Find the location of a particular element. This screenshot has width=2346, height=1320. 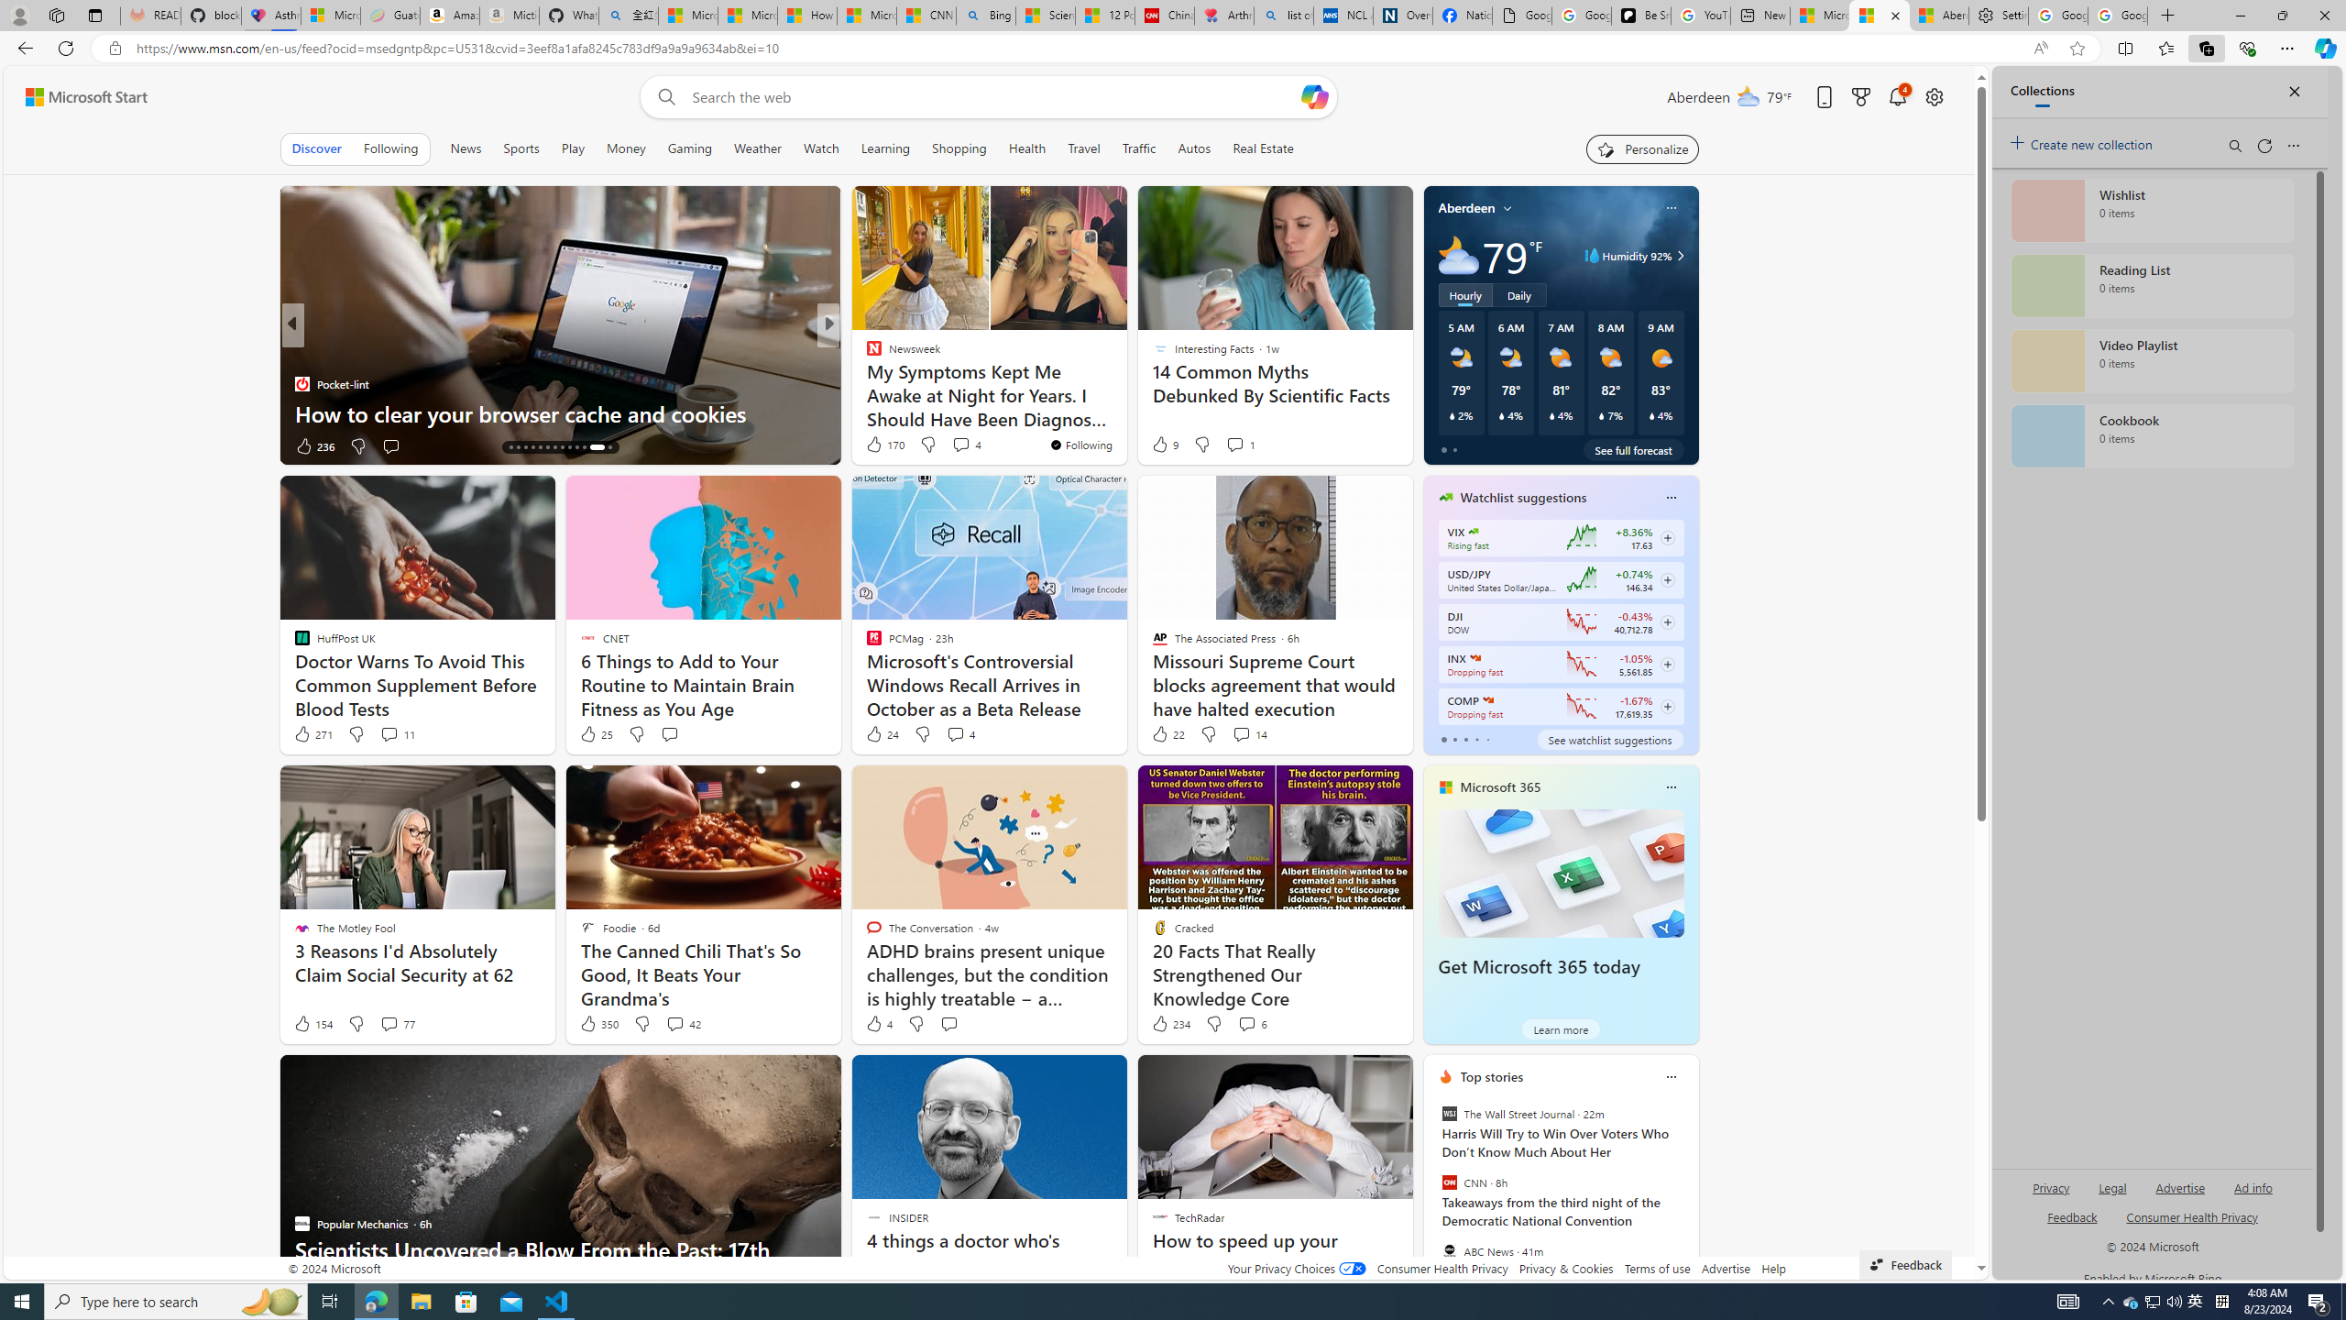

'Microsoft rewards' is located at coordinates (1860, 97).